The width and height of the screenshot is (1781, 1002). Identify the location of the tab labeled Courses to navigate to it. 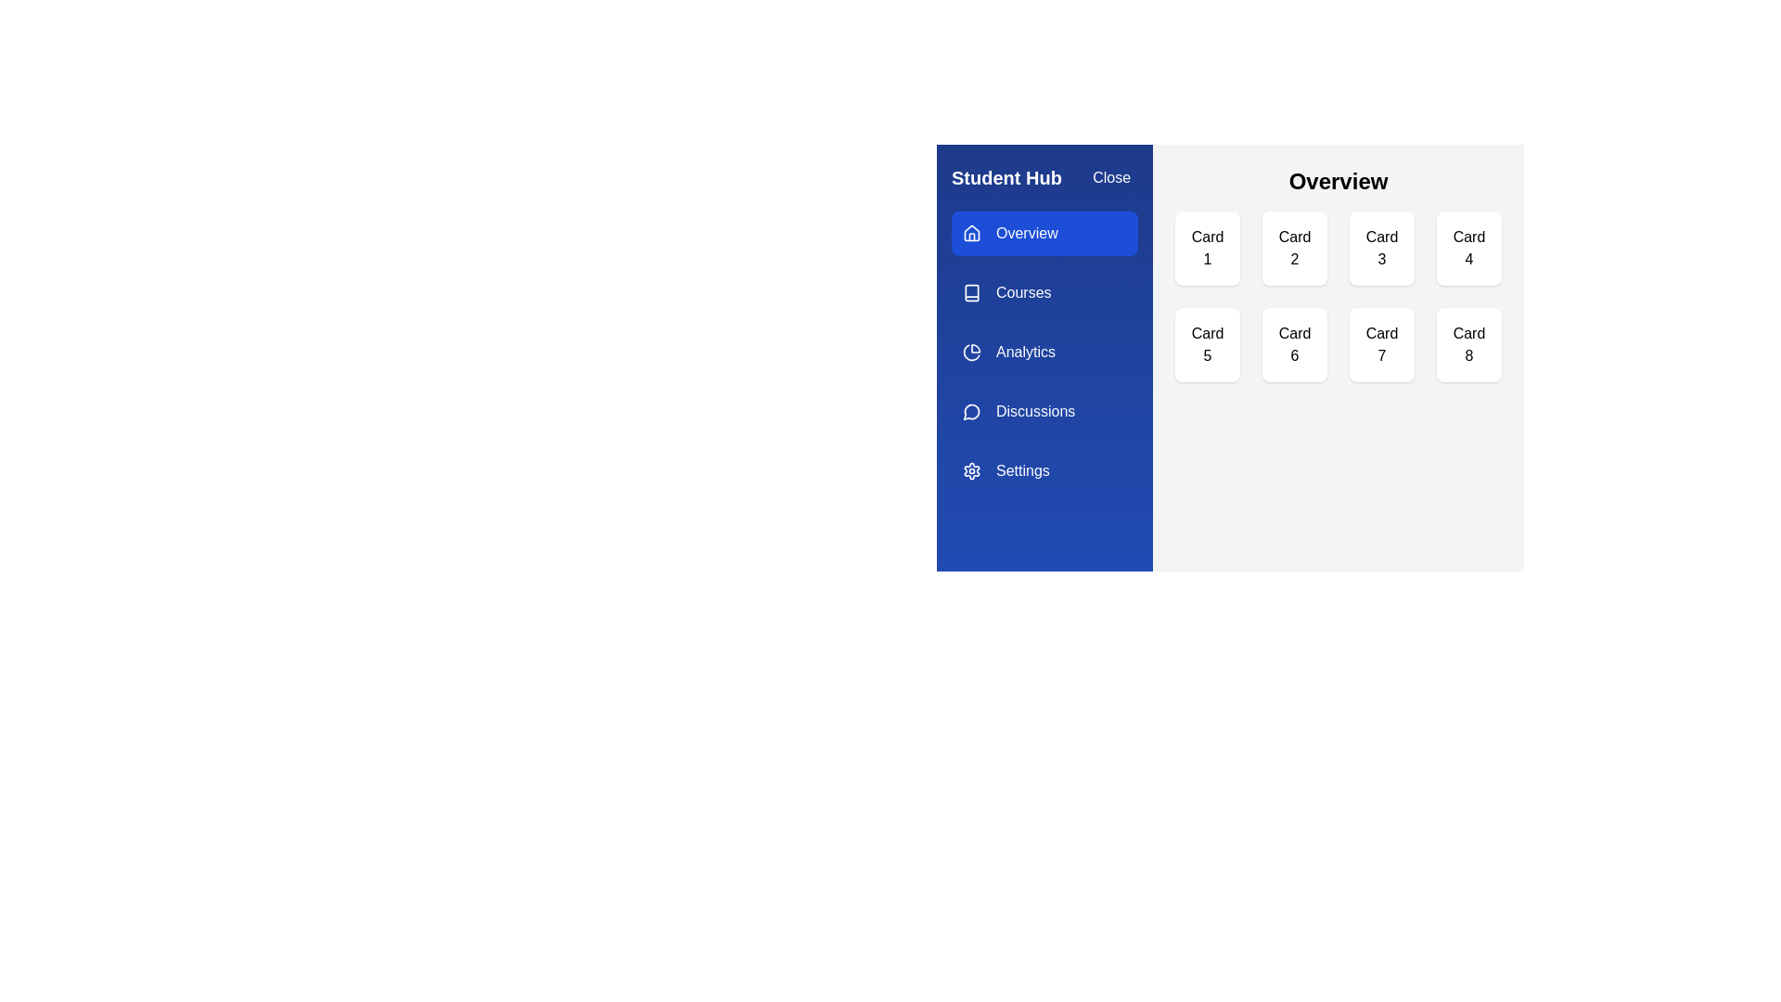
(1044, 292).